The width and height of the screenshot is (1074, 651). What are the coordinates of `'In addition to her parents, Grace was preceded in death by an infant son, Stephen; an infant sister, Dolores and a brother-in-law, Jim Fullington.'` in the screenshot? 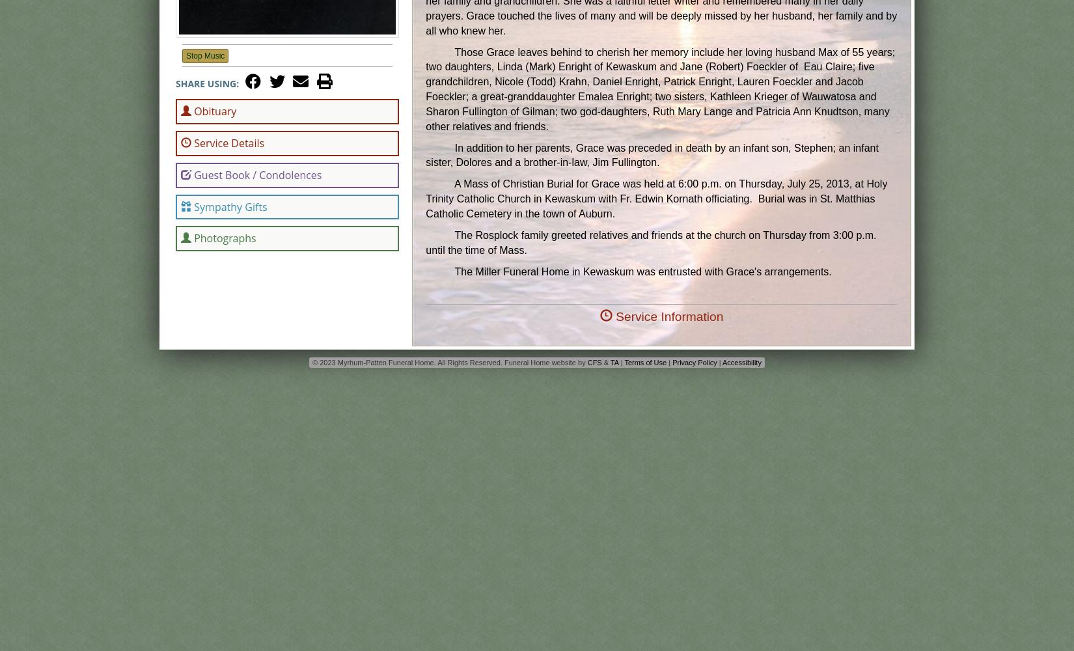 It's located at (652, 154).